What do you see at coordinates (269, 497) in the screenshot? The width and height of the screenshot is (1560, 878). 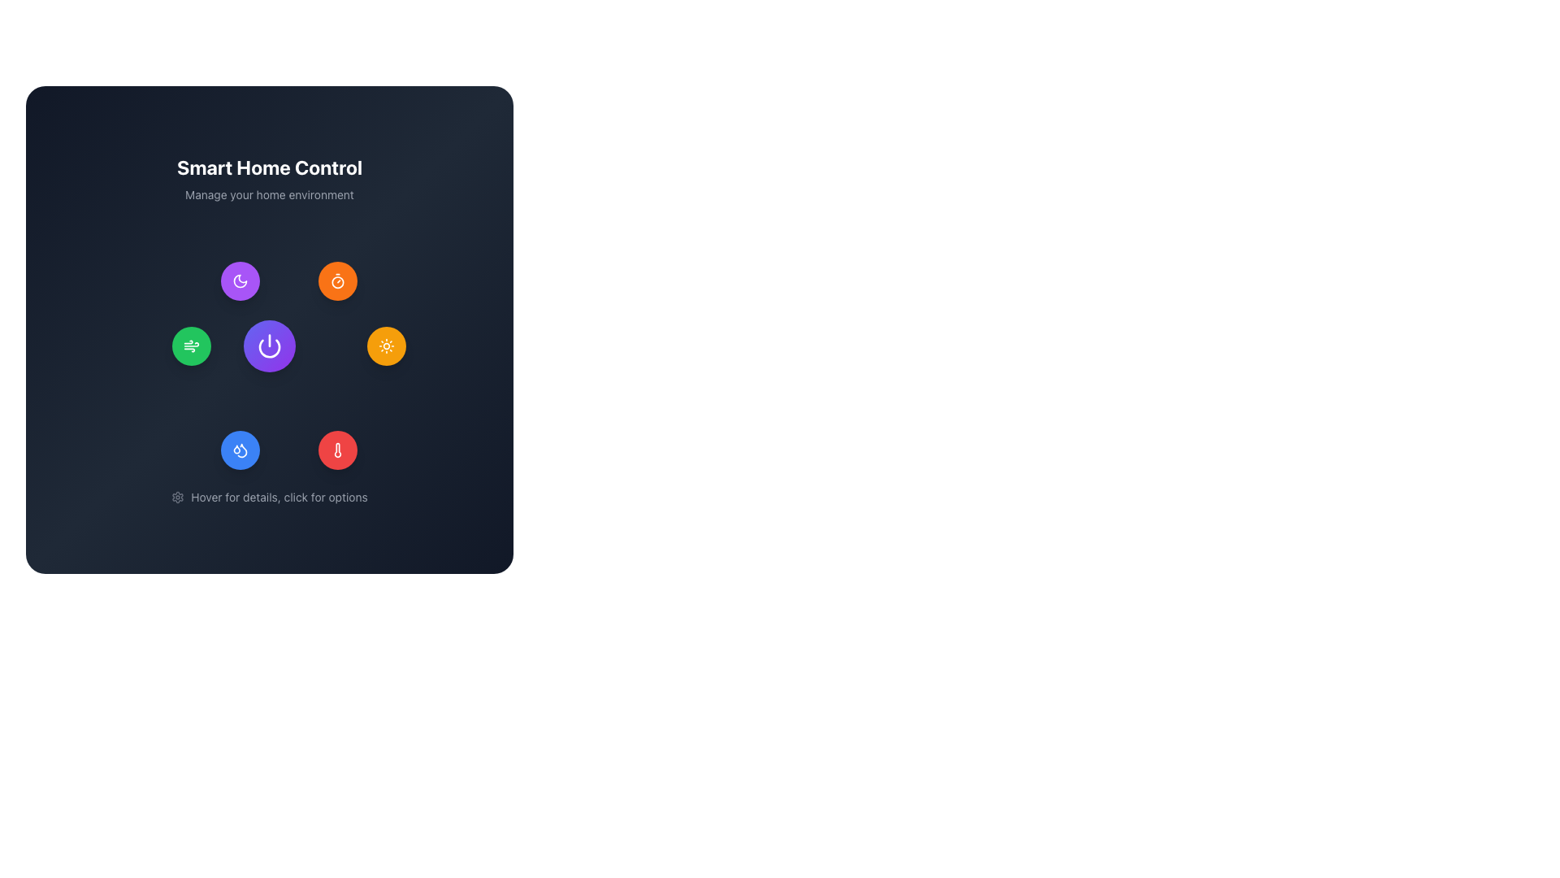 I see `the text 'Hover for details, click for options' with the gear icon on the left` at bounding box center [269, 497].